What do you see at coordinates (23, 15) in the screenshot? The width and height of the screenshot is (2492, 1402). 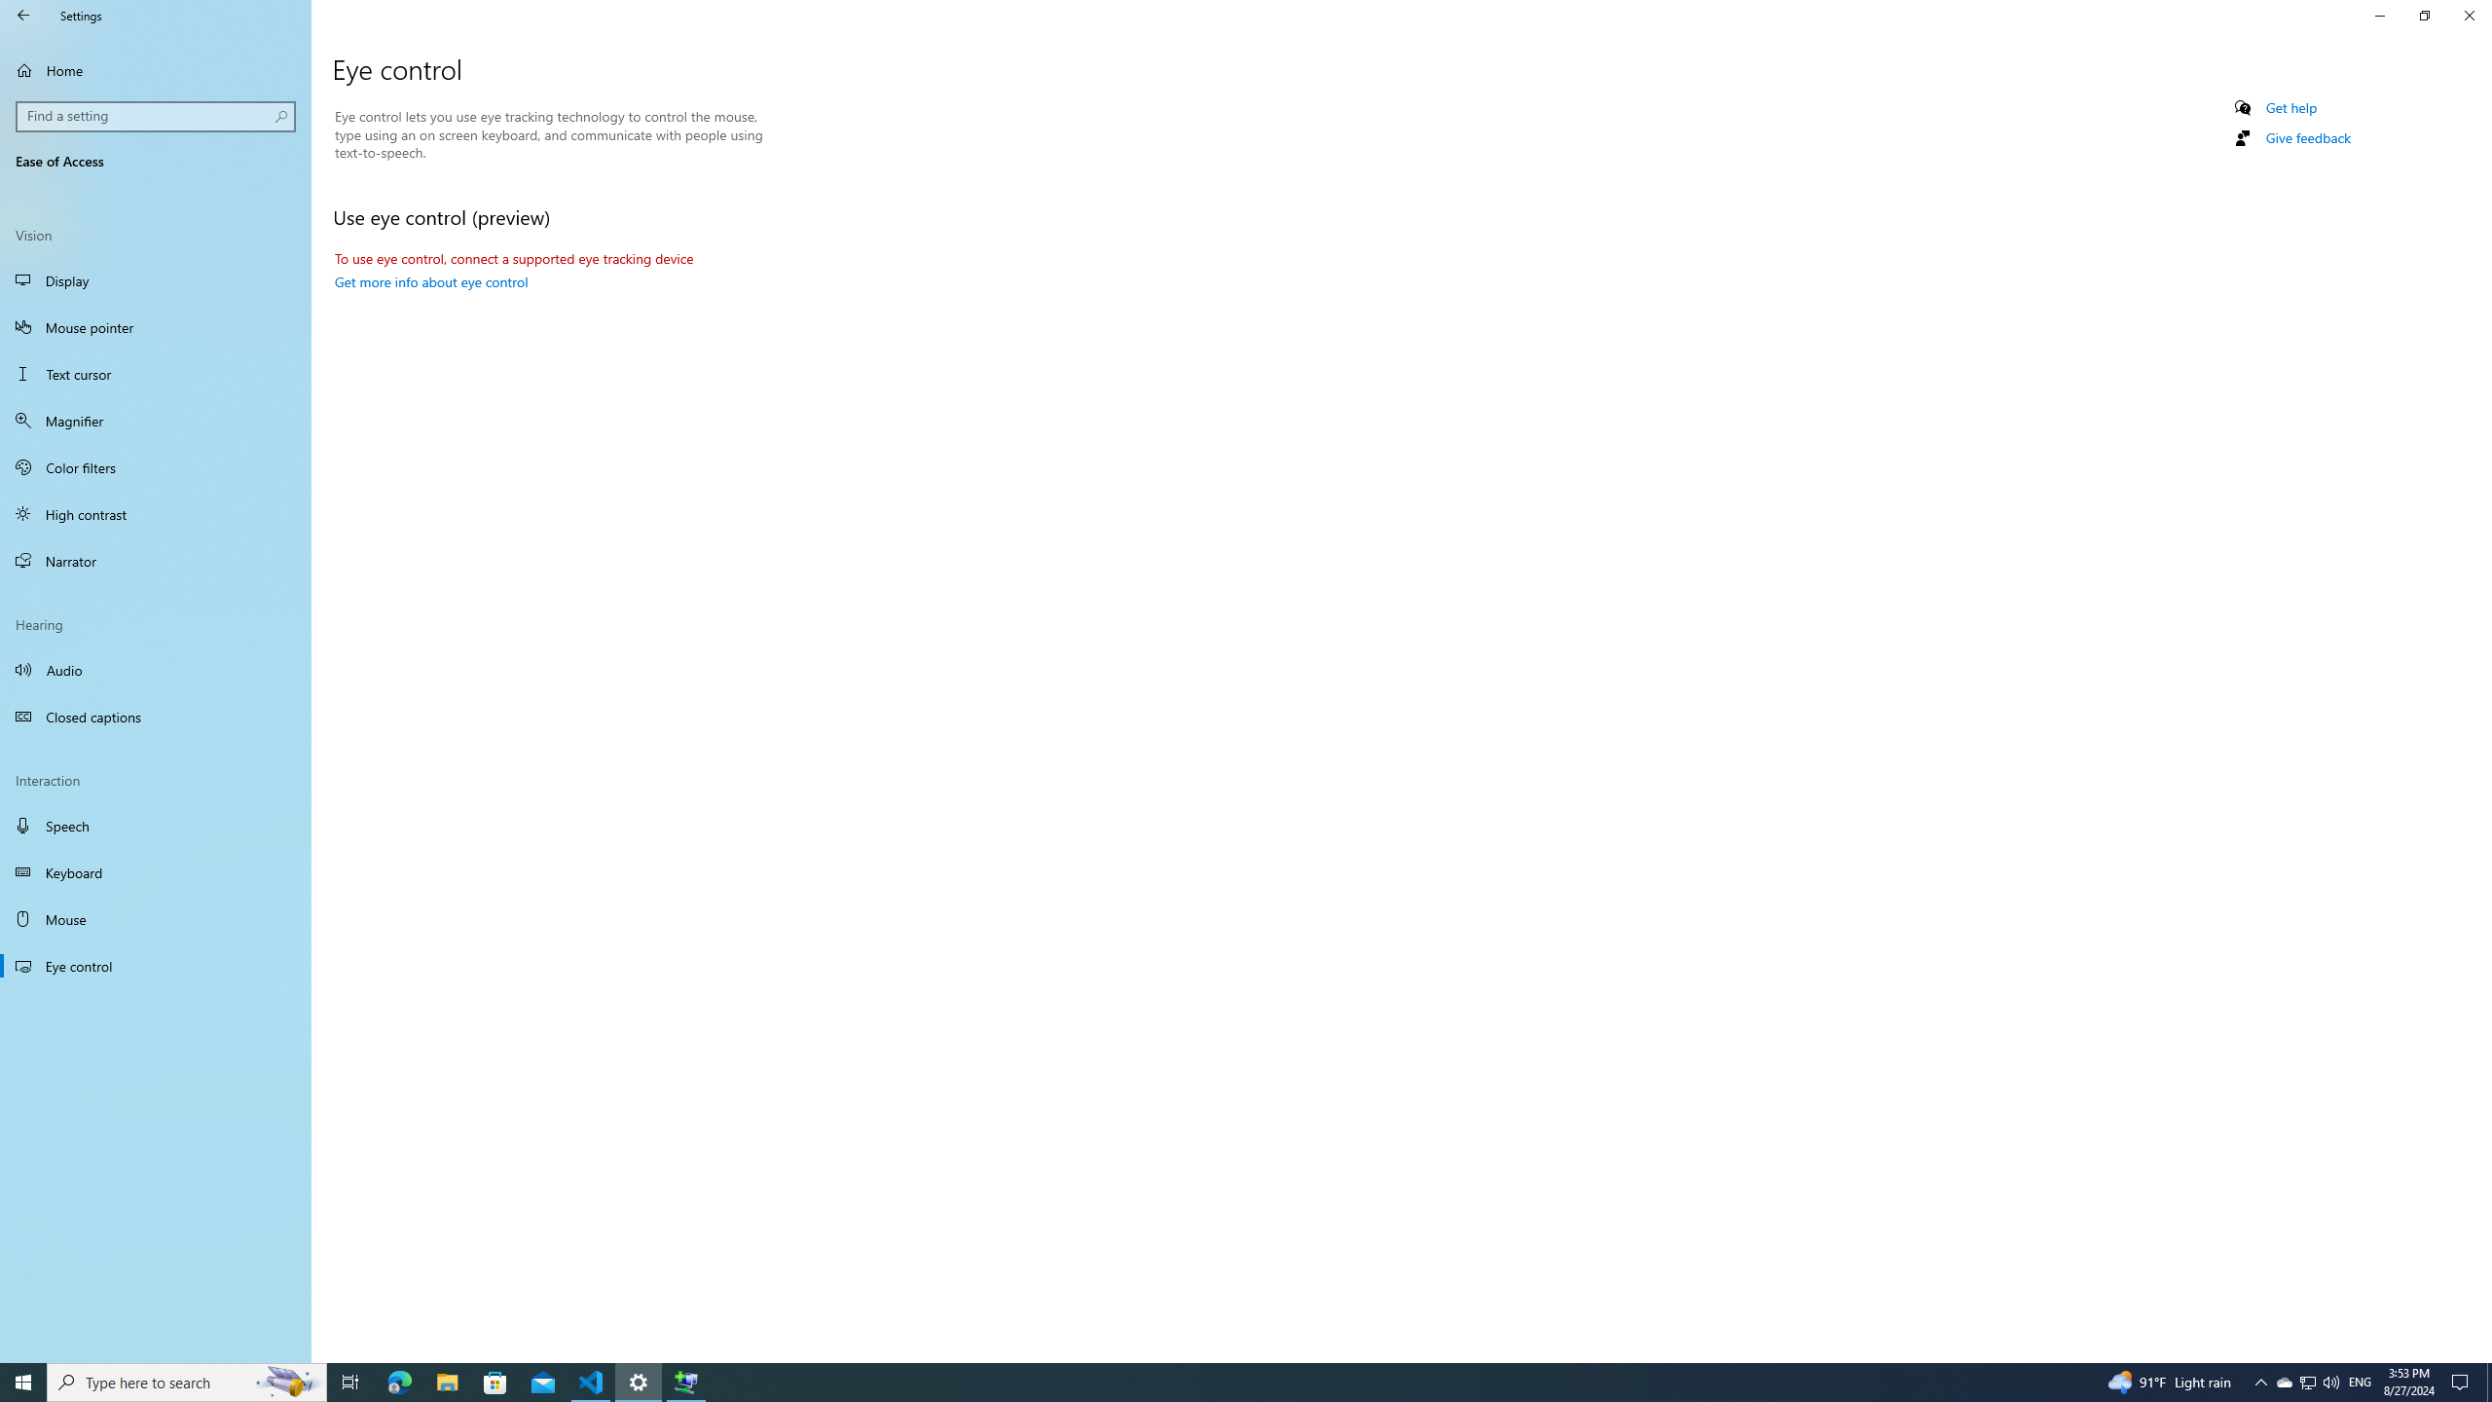 I see `'Back'` at bounding box center [23, 15].